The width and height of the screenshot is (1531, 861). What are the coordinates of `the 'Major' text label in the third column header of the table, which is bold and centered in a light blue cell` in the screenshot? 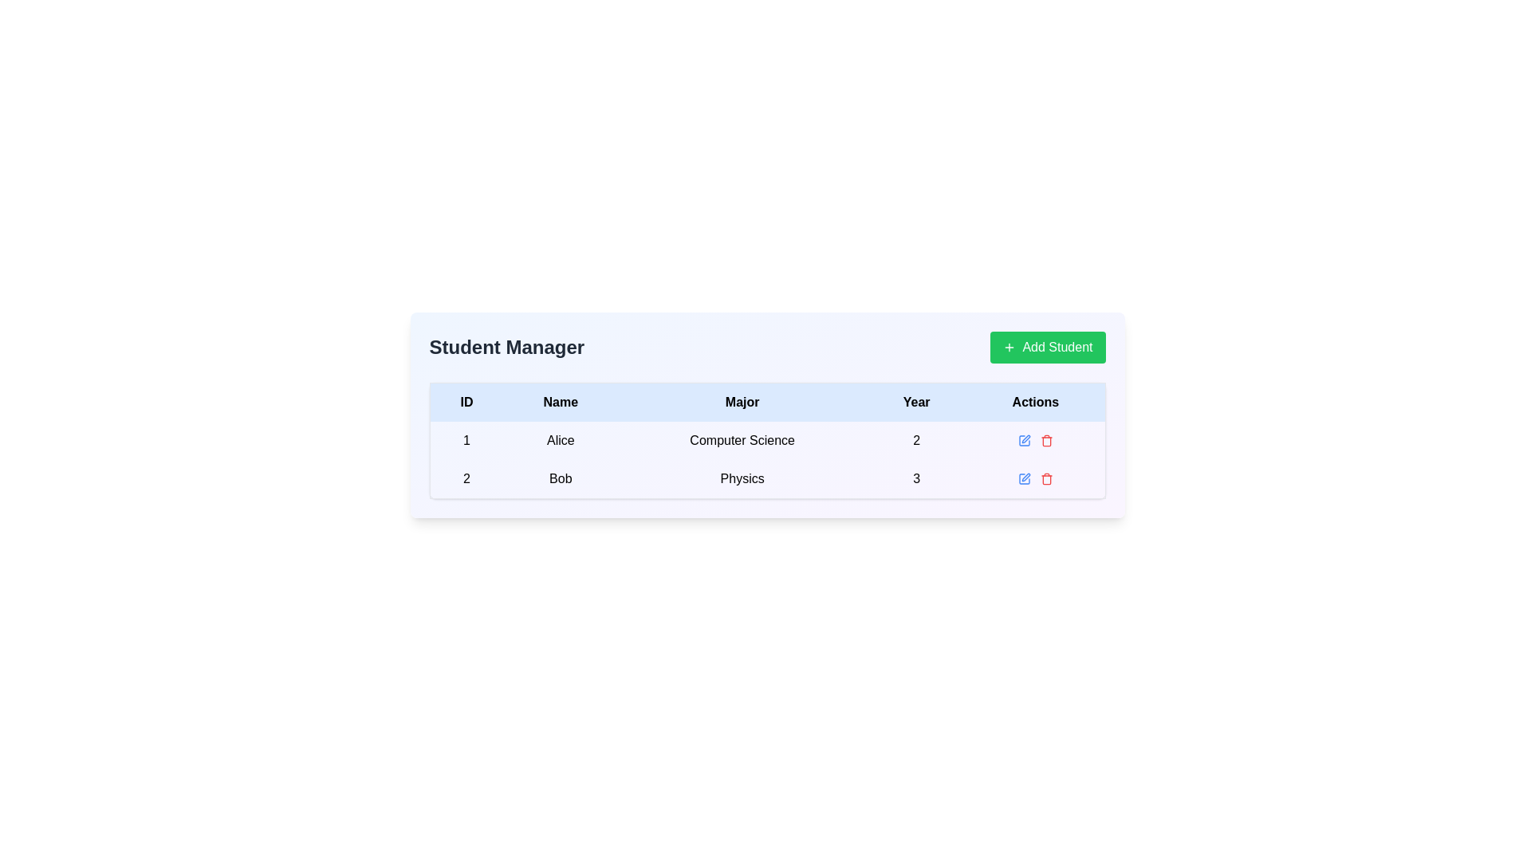 It's located at (742, 401).